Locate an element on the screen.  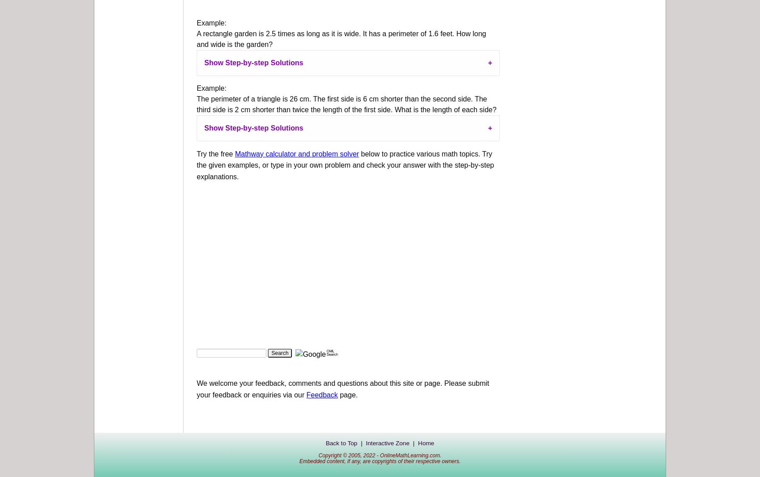
'The perimeter of a triangle is 26 cm. The first side is 6 cm shorter than the second side. The third side is 2 cm shorter than twice the length of the first side. What is the length of each side?' is located at coordinates (346, 104).